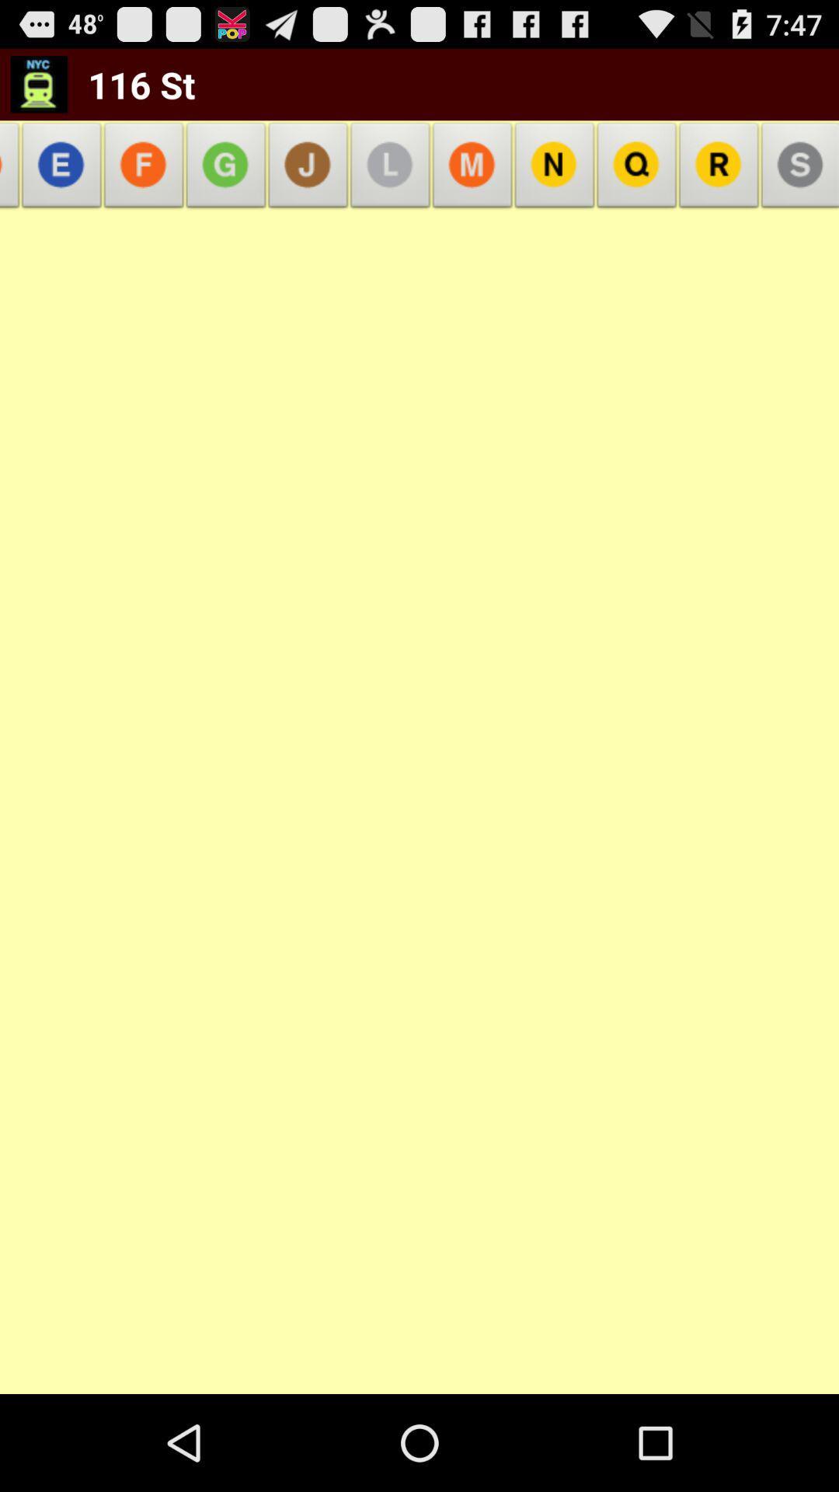 Image resolution: width=839 pixels, height=1492 pixels. What do you see at coordinates (226, 169) in the screenshot?
I see `app below 116 st icon` at bounding box center [226, 169].